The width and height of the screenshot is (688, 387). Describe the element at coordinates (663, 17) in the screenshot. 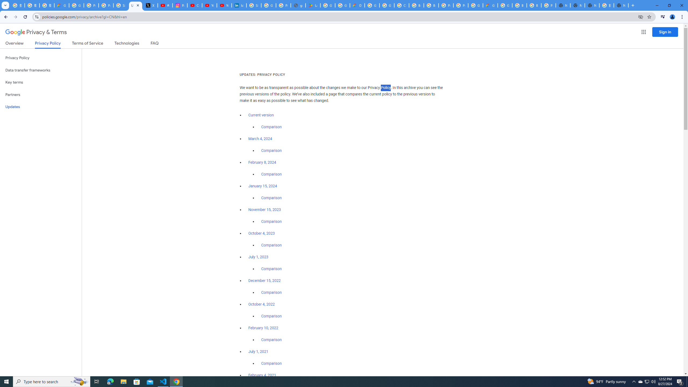

I see `'Control your music, videos, and more'` at that location.